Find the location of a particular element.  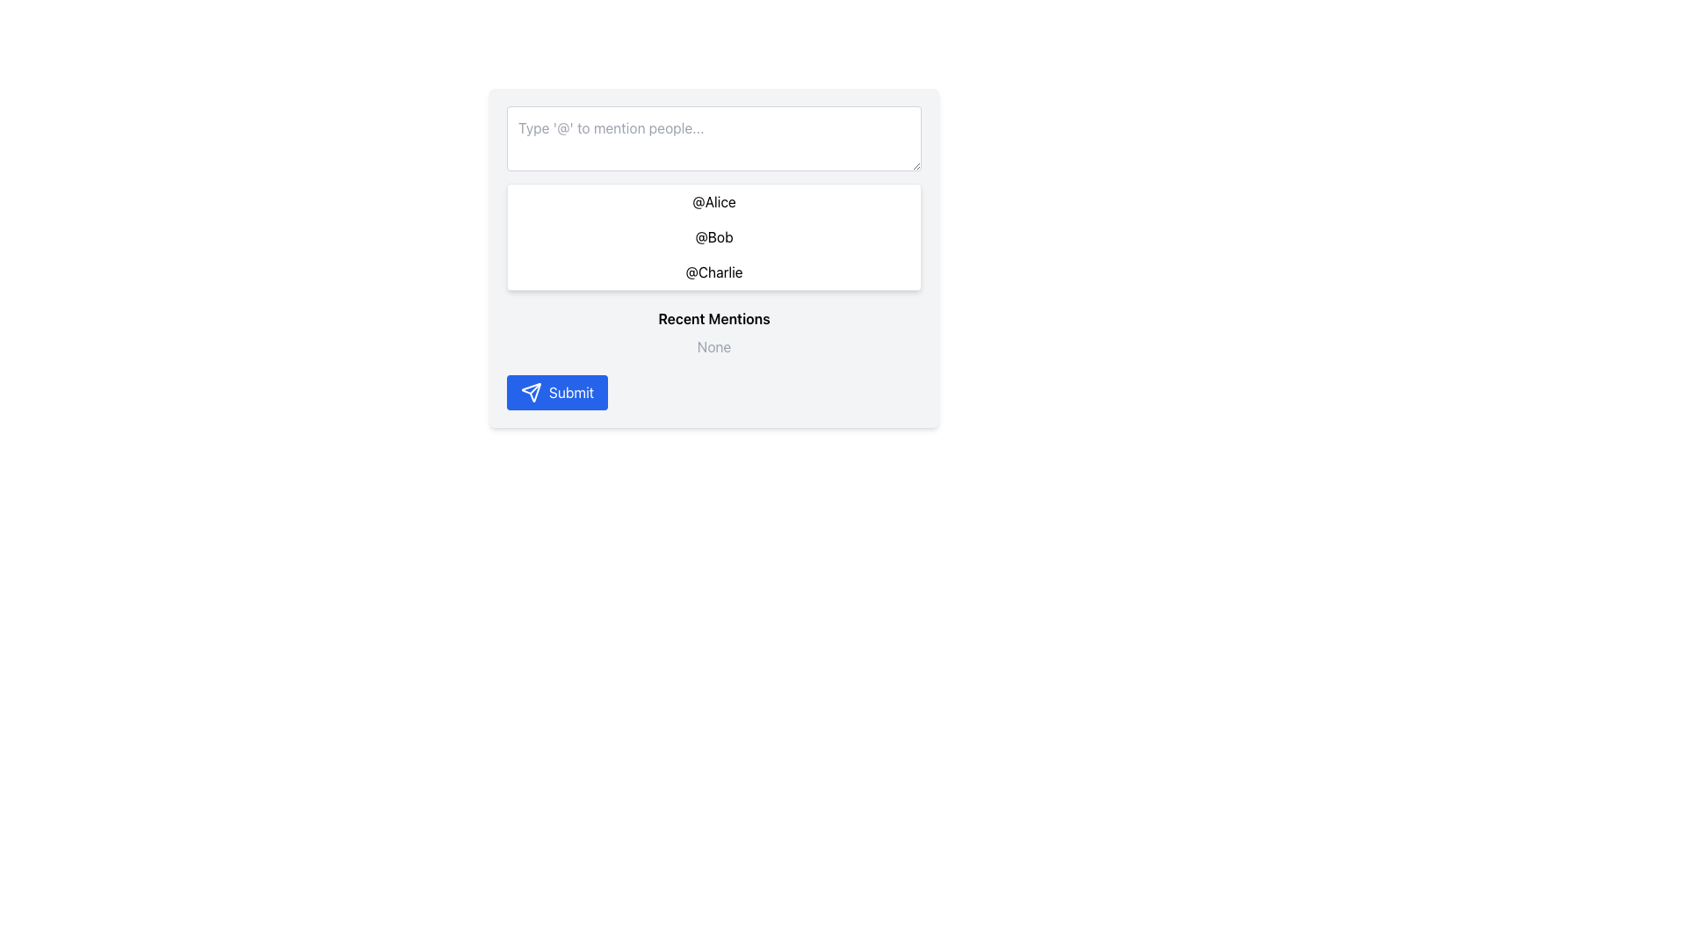

to select the text item 'Alice' in the dropdown list, which is the first entry and appears below a text input field is located at coordinates (713, 201).